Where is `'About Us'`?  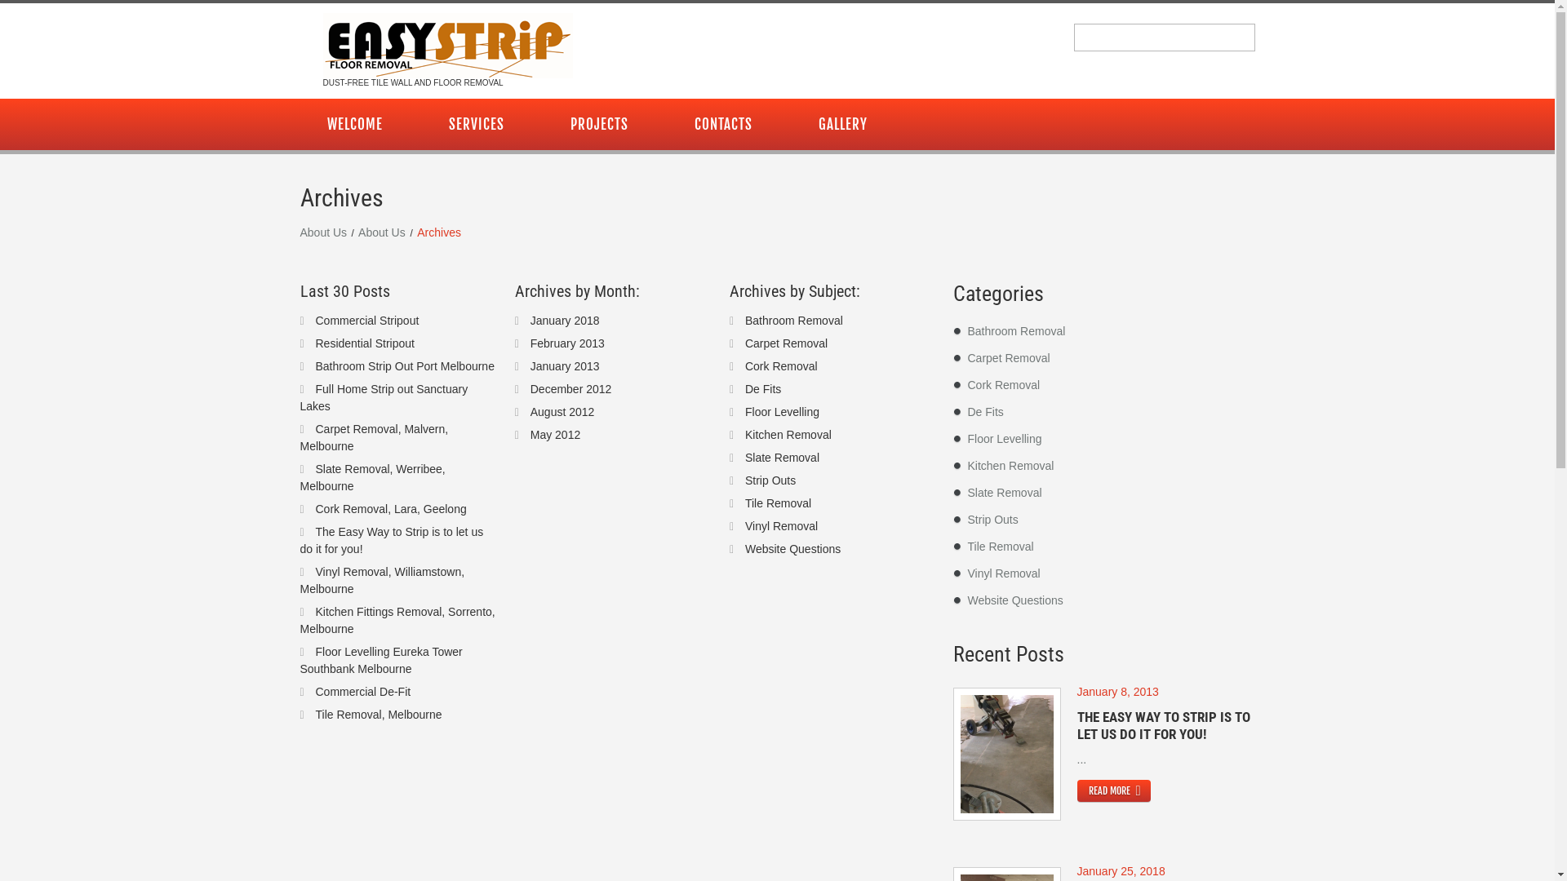
'About Us' is located at coordinates (380, 232).